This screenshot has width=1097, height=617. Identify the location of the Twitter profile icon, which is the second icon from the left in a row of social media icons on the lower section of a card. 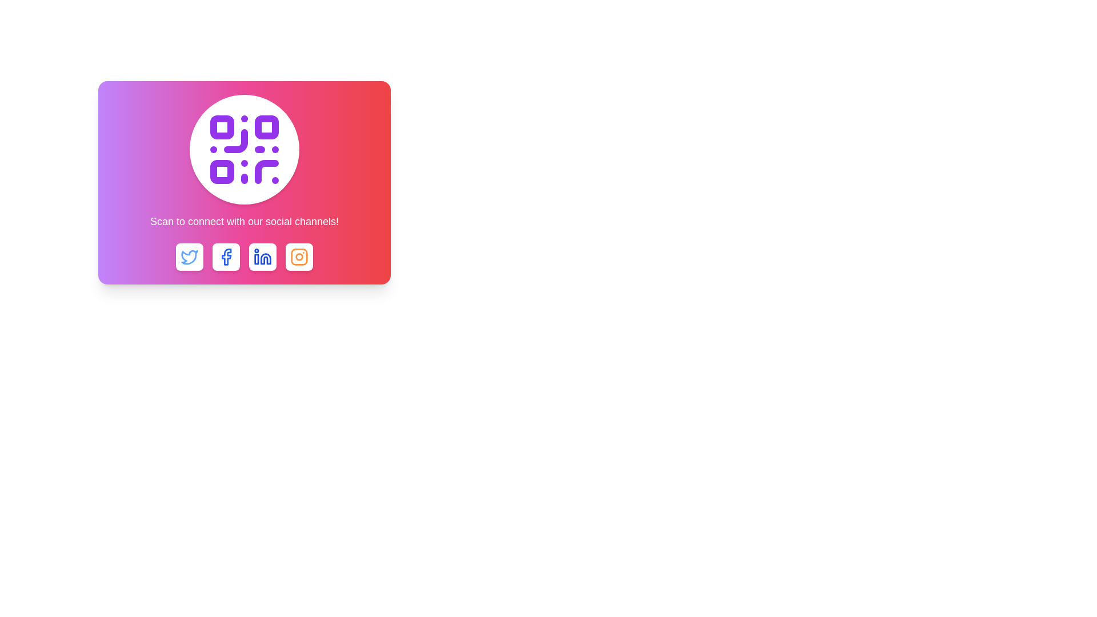
(189, 257).